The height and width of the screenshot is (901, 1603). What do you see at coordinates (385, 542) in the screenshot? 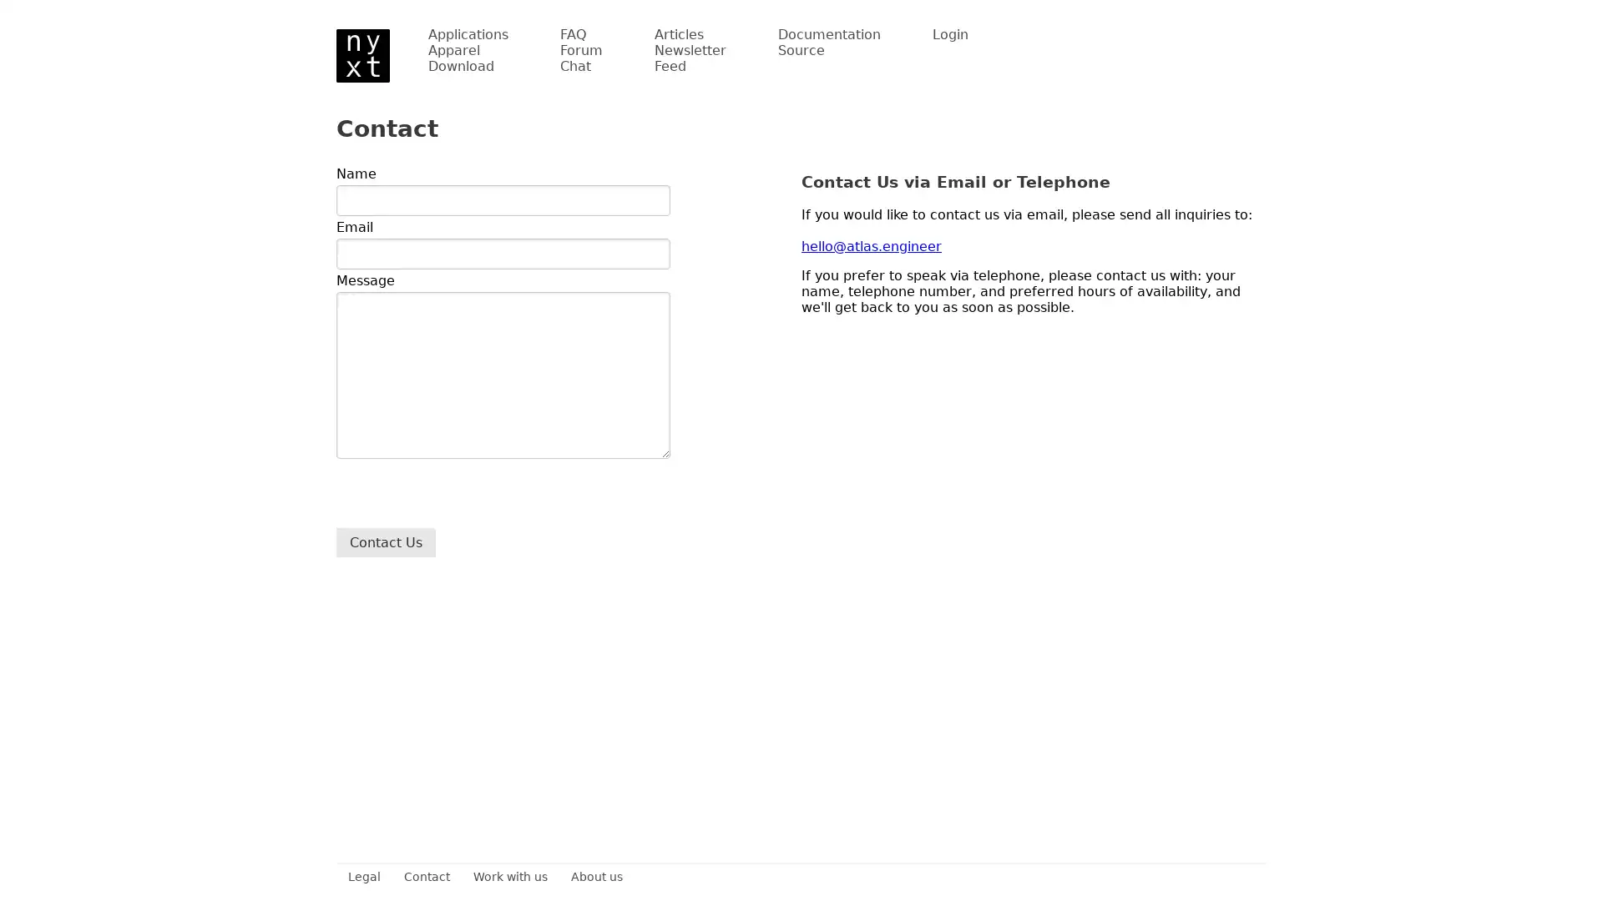
I see `Contact Us` at bounding box center [385, 542].